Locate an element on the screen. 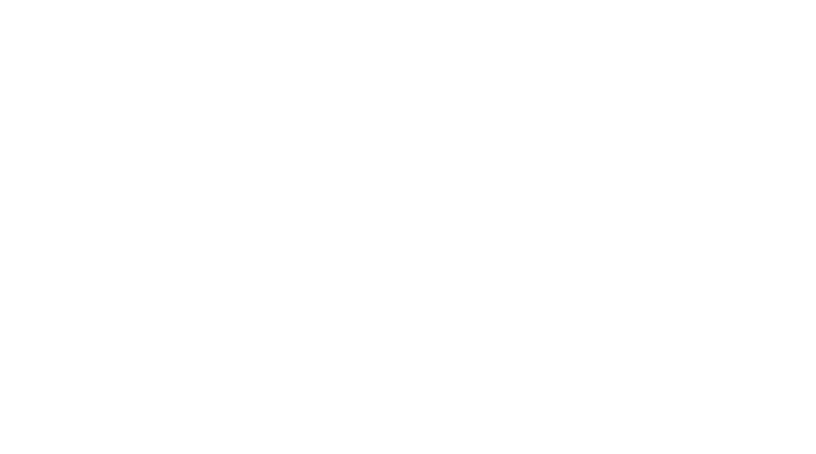 This screenshot has height=454, width=816. 'Recipes' is located at coordinates (580, 160).